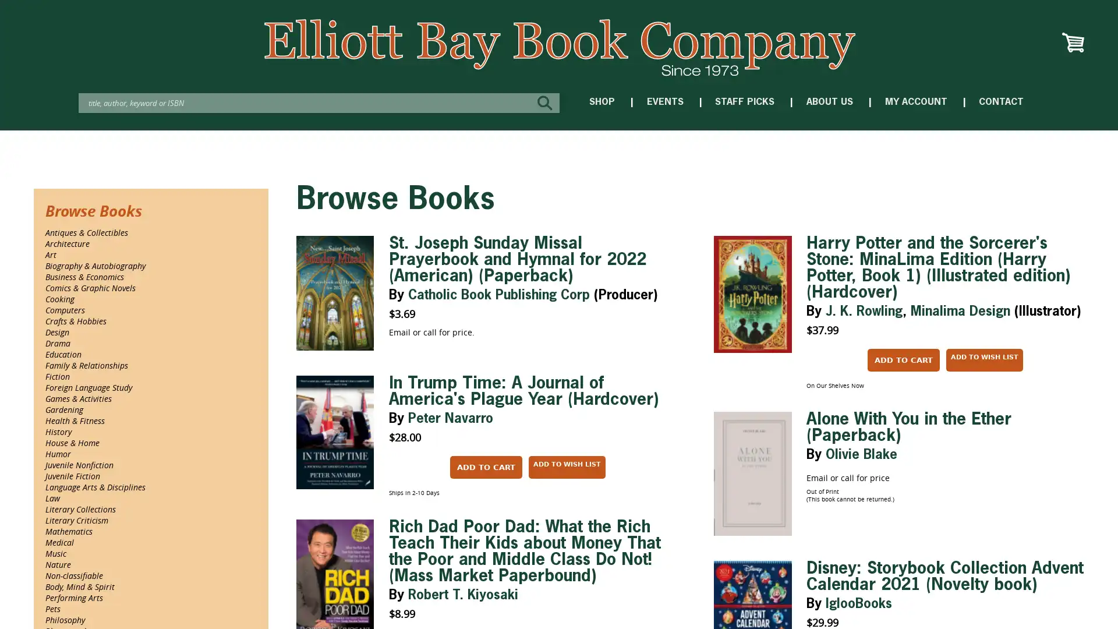 This screenshot has height=629, width=1118. I want to click on Search, so click(547, 102).